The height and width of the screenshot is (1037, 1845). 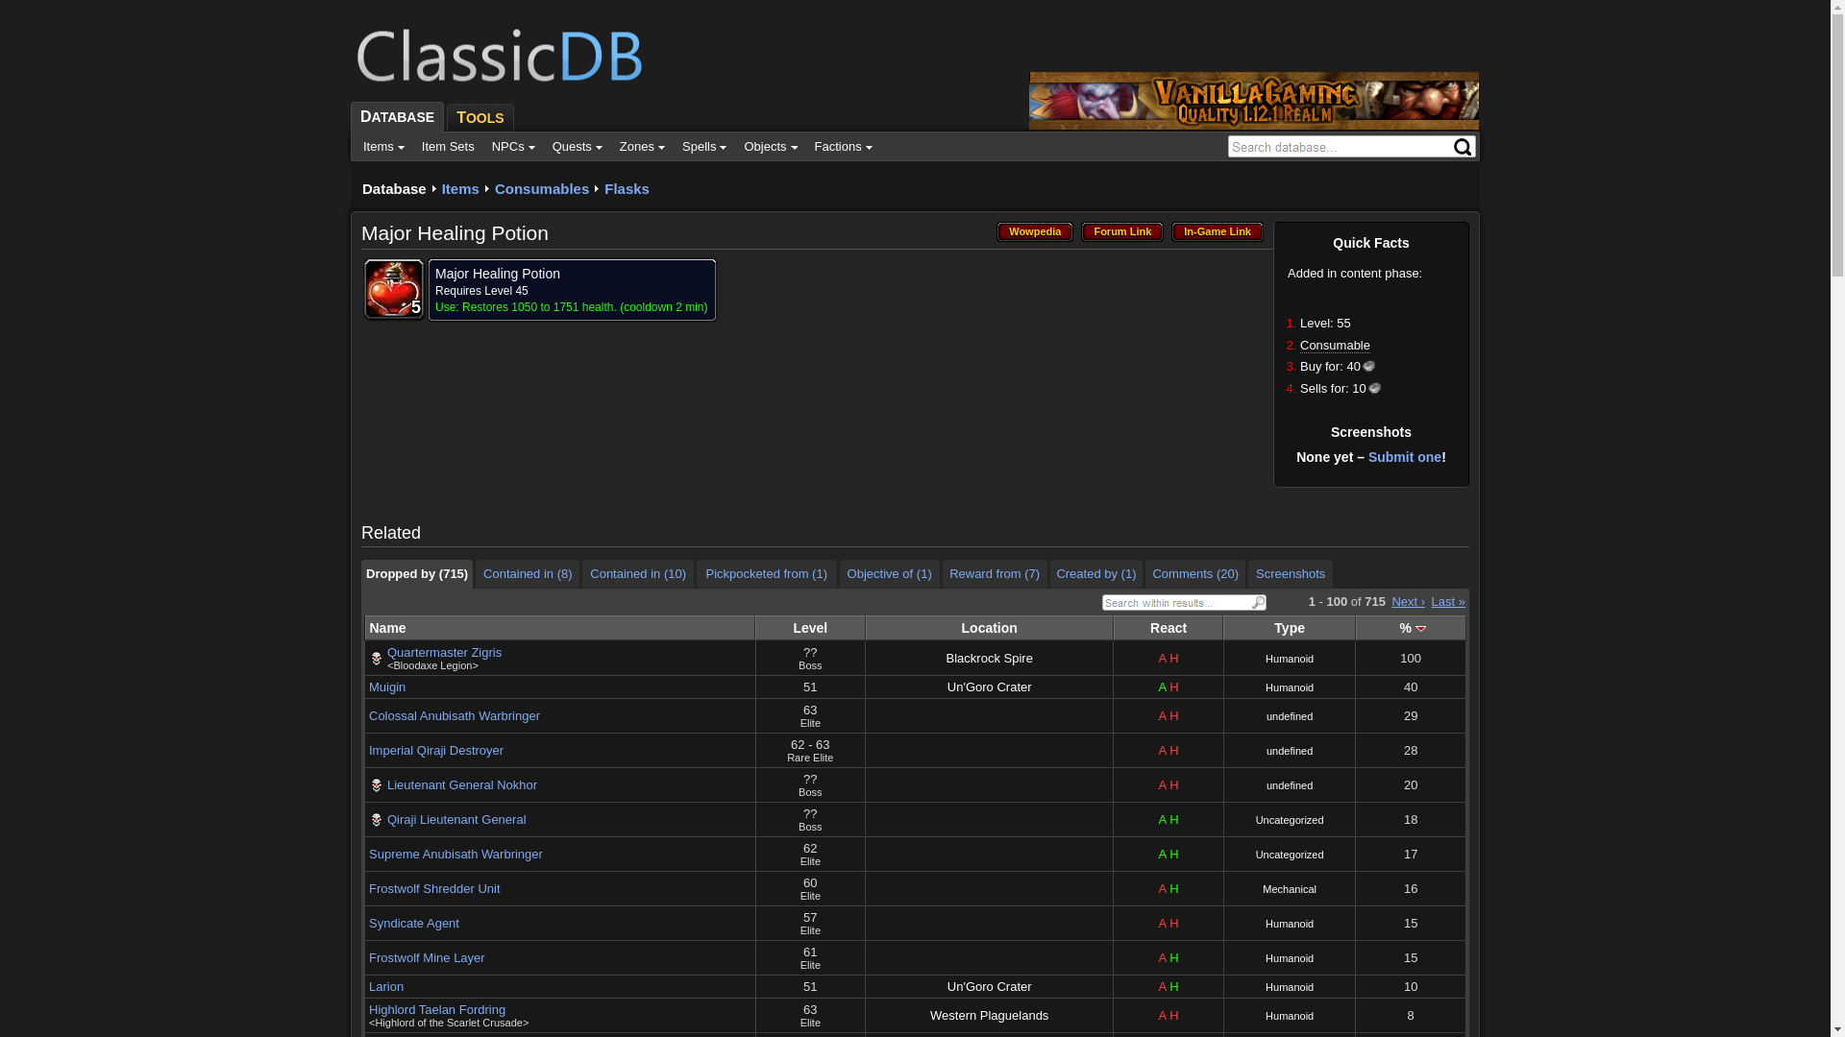 I want to click on 'Created by (1)', so click(x=1096, y=572).